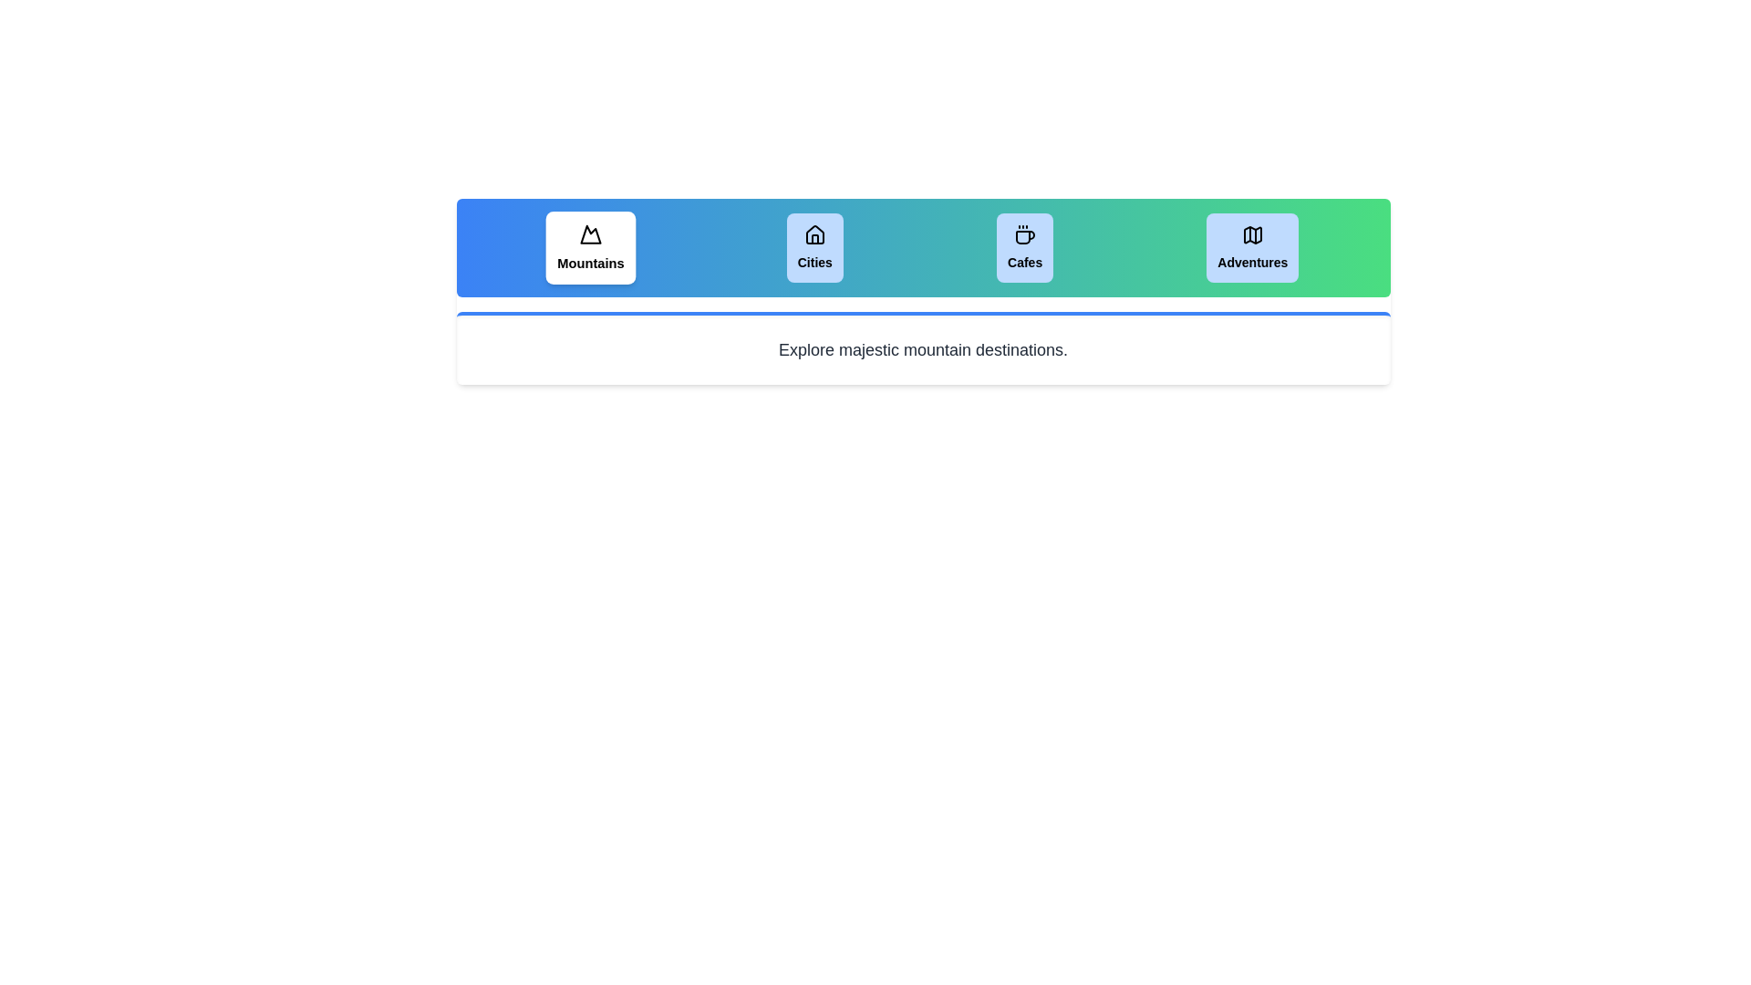  I want to click on the tab labeled Adventures to view its content, so click(1251, 248).